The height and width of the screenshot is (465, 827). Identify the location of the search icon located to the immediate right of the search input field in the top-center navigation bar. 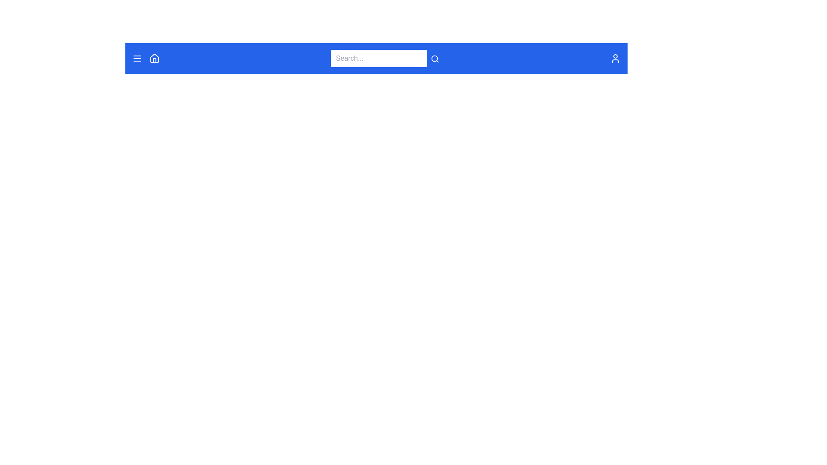
(435, 58).